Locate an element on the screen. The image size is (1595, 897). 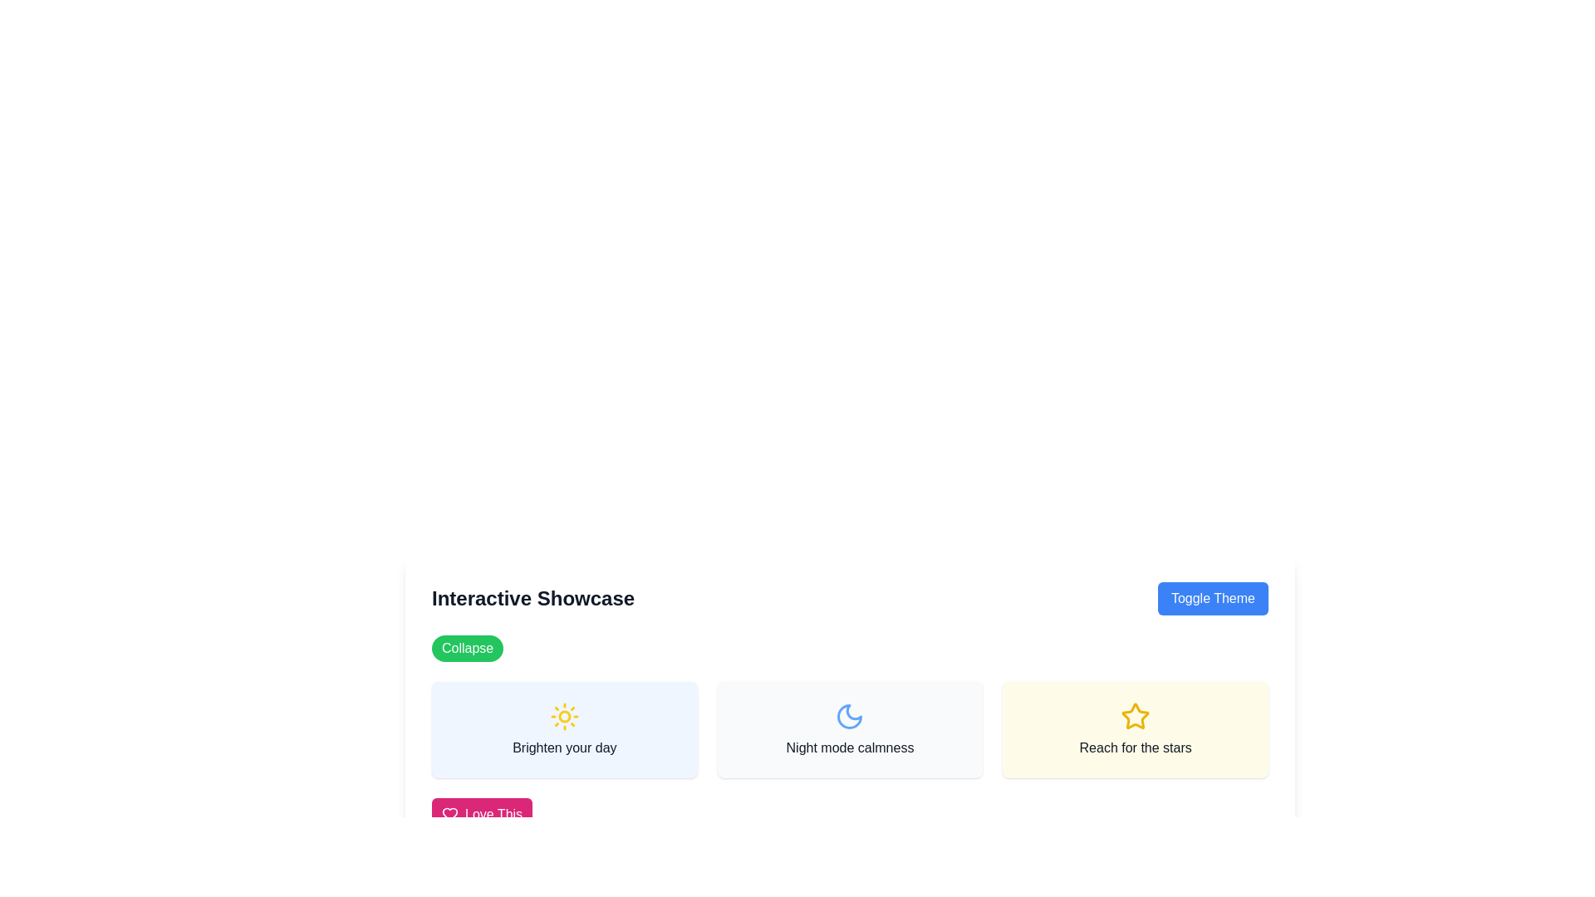
the heart SVG icon located inside the pink rounded rectangular button labeled 'Love This' to indicate a positive action is located at coordinates (450, 813).